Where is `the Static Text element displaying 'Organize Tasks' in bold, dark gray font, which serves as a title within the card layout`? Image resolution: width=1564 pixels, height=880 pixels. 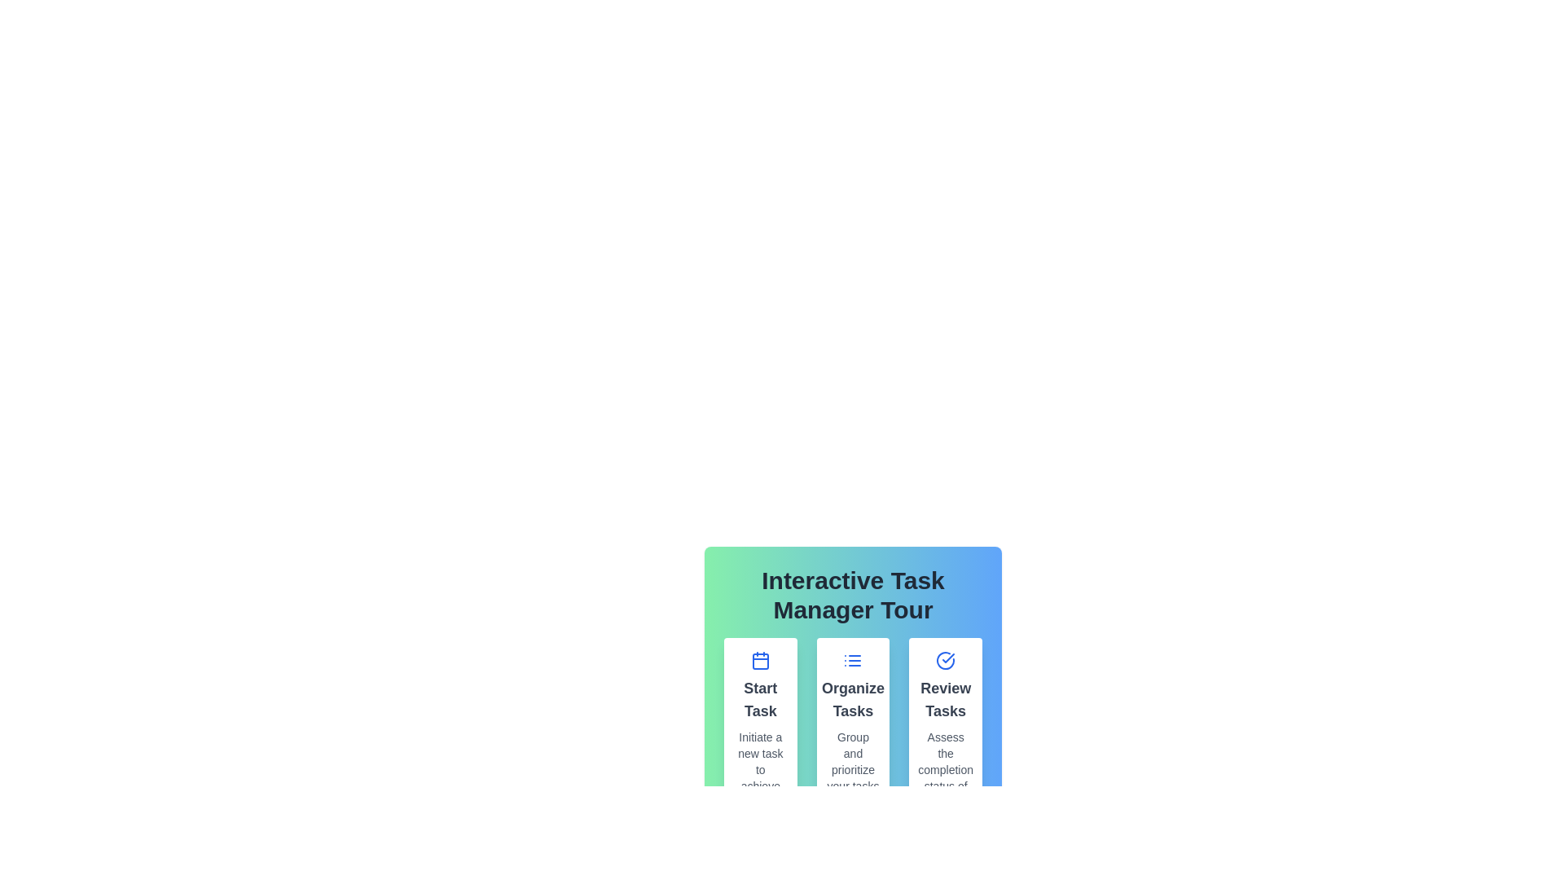
the Static Text element displaying 'Organize Tasks' in bold, dark gray font, which serves as a title within the card layout is located at coordinates (852, 699).